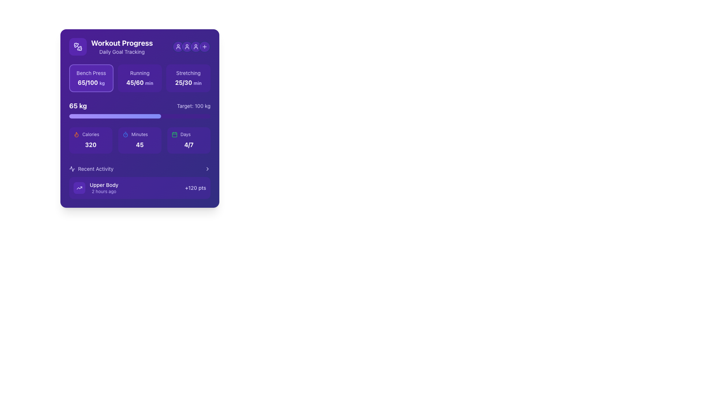  Describe the element at coordinates (188, 82) in the screenshot. I see `the time progress text of the 'Stretching' exercise located within the violet card labeled 'Stretching', situated below the title 'Stretching'` at that location.